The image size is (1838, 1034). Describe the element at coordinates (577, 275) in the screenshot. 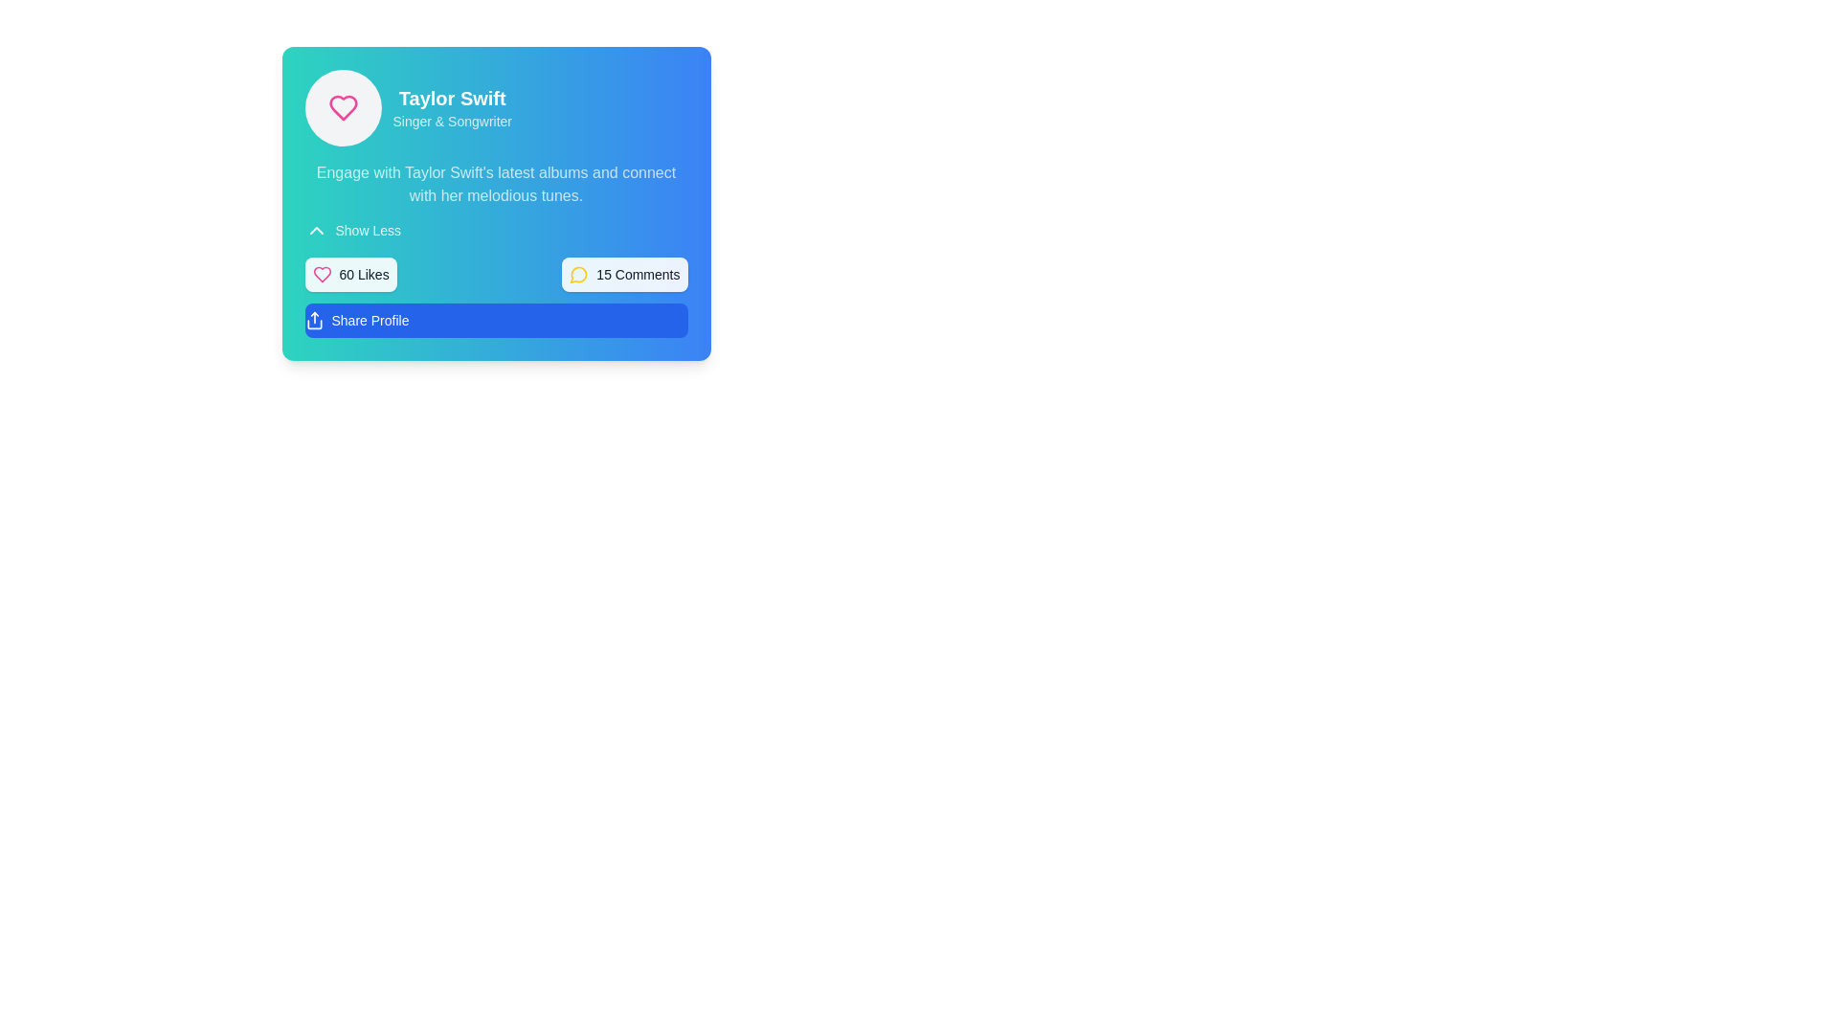

I see `the comment icon by clicking on the associated '15 Comments' label located adjacent to it` at that location.